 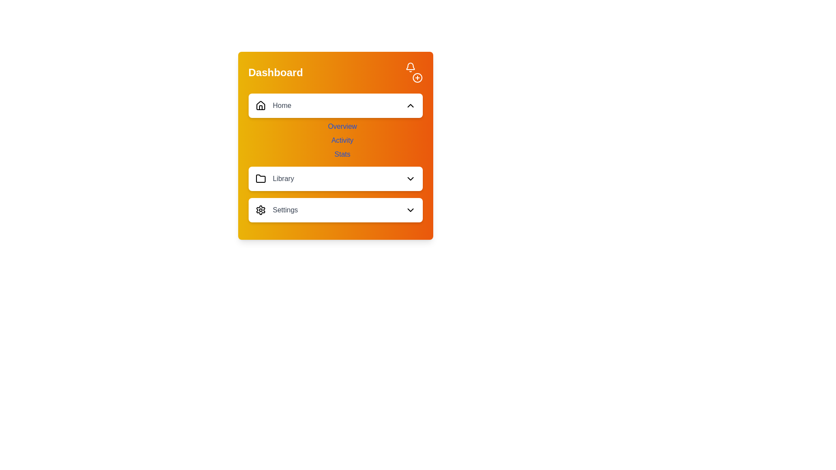 I want to click on the Icon button on the rightmost side of the 'Home' section, so click(x=410, y=105).